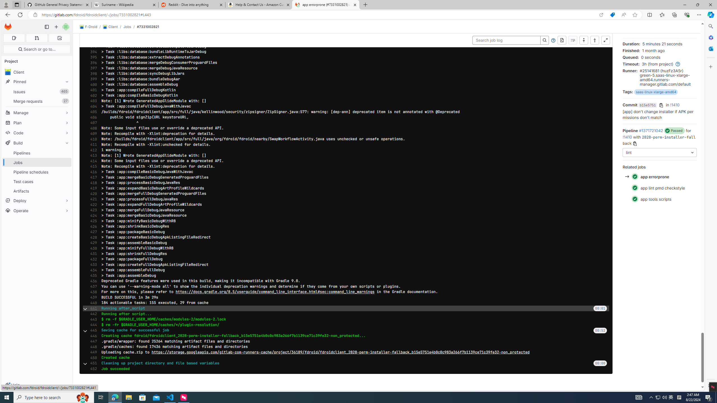 Image resolution: width=717 pixels, height=403 pixels. What do you see at coordinates (92, 172) in the screenshot?
I see `'416'` at bounding box center [92, 172].